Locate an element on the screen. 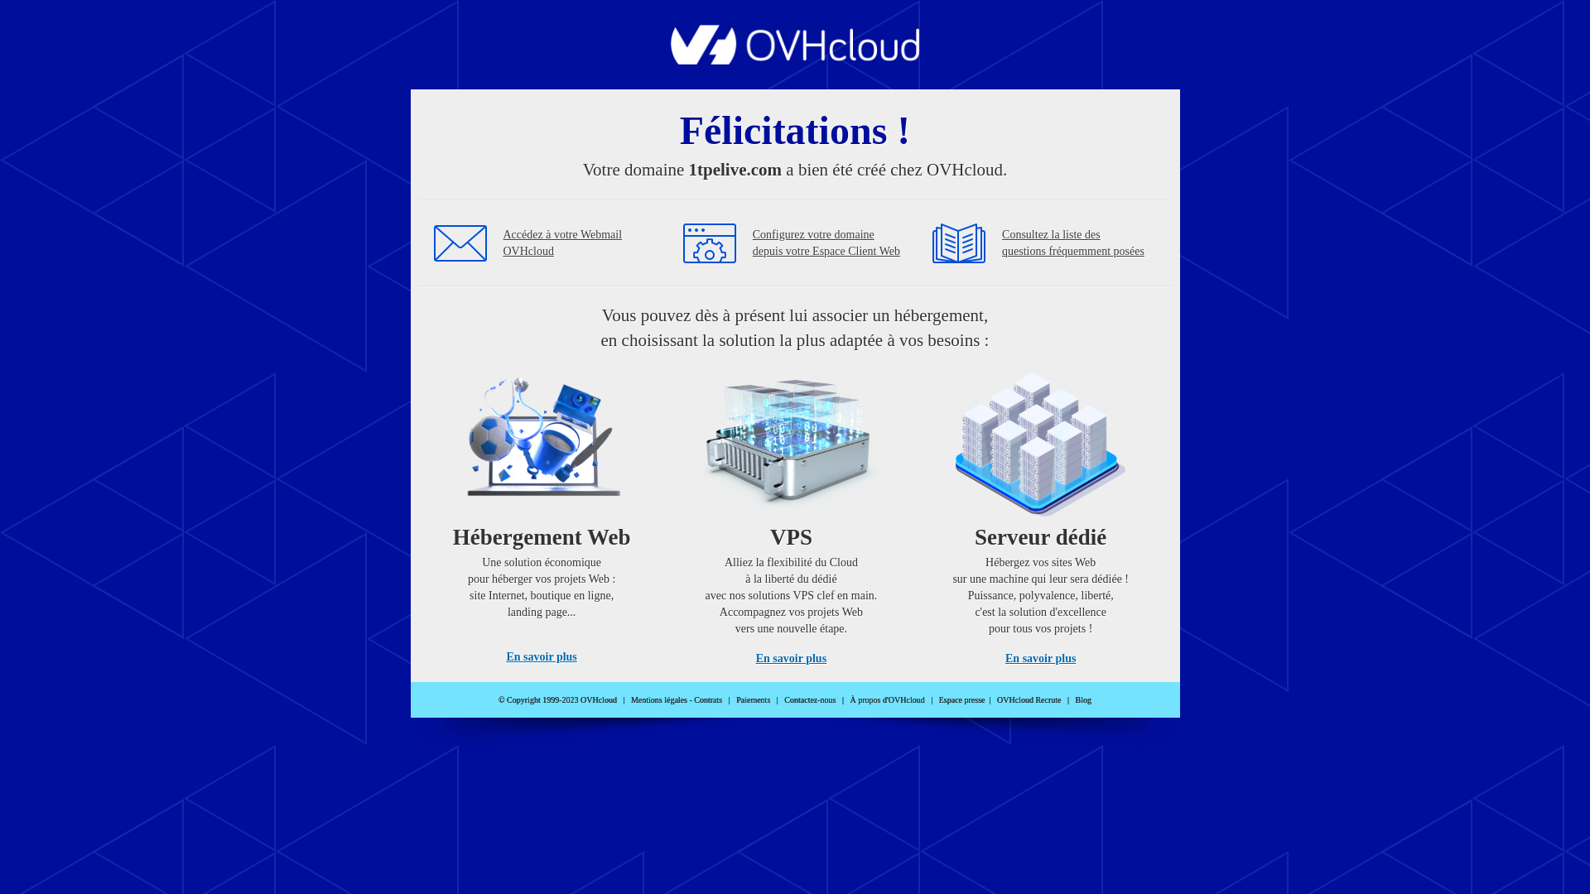  'Blog' is located at coordinates (1083, 699).